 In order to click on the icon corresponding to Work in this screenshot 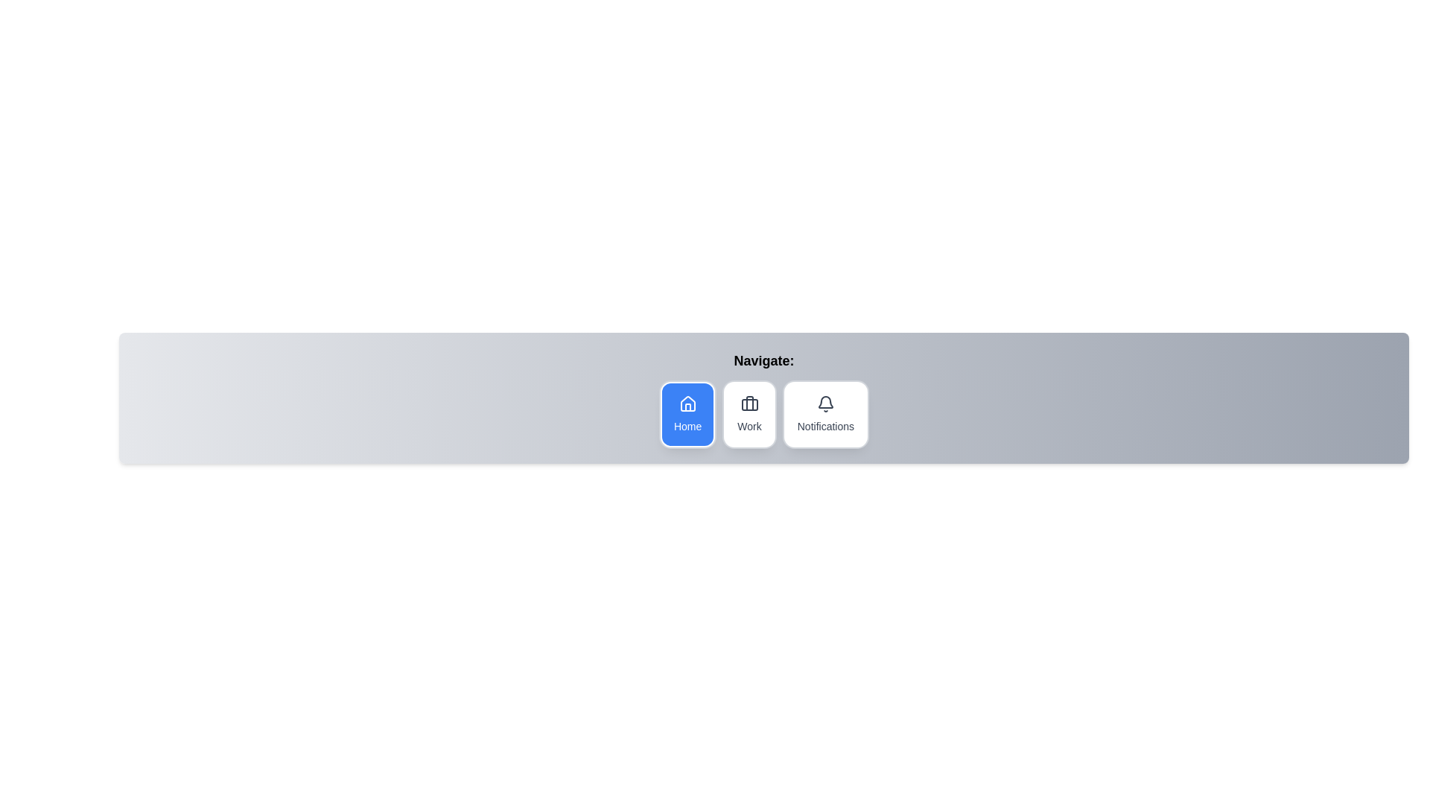, I will do `click(749, 414)`.